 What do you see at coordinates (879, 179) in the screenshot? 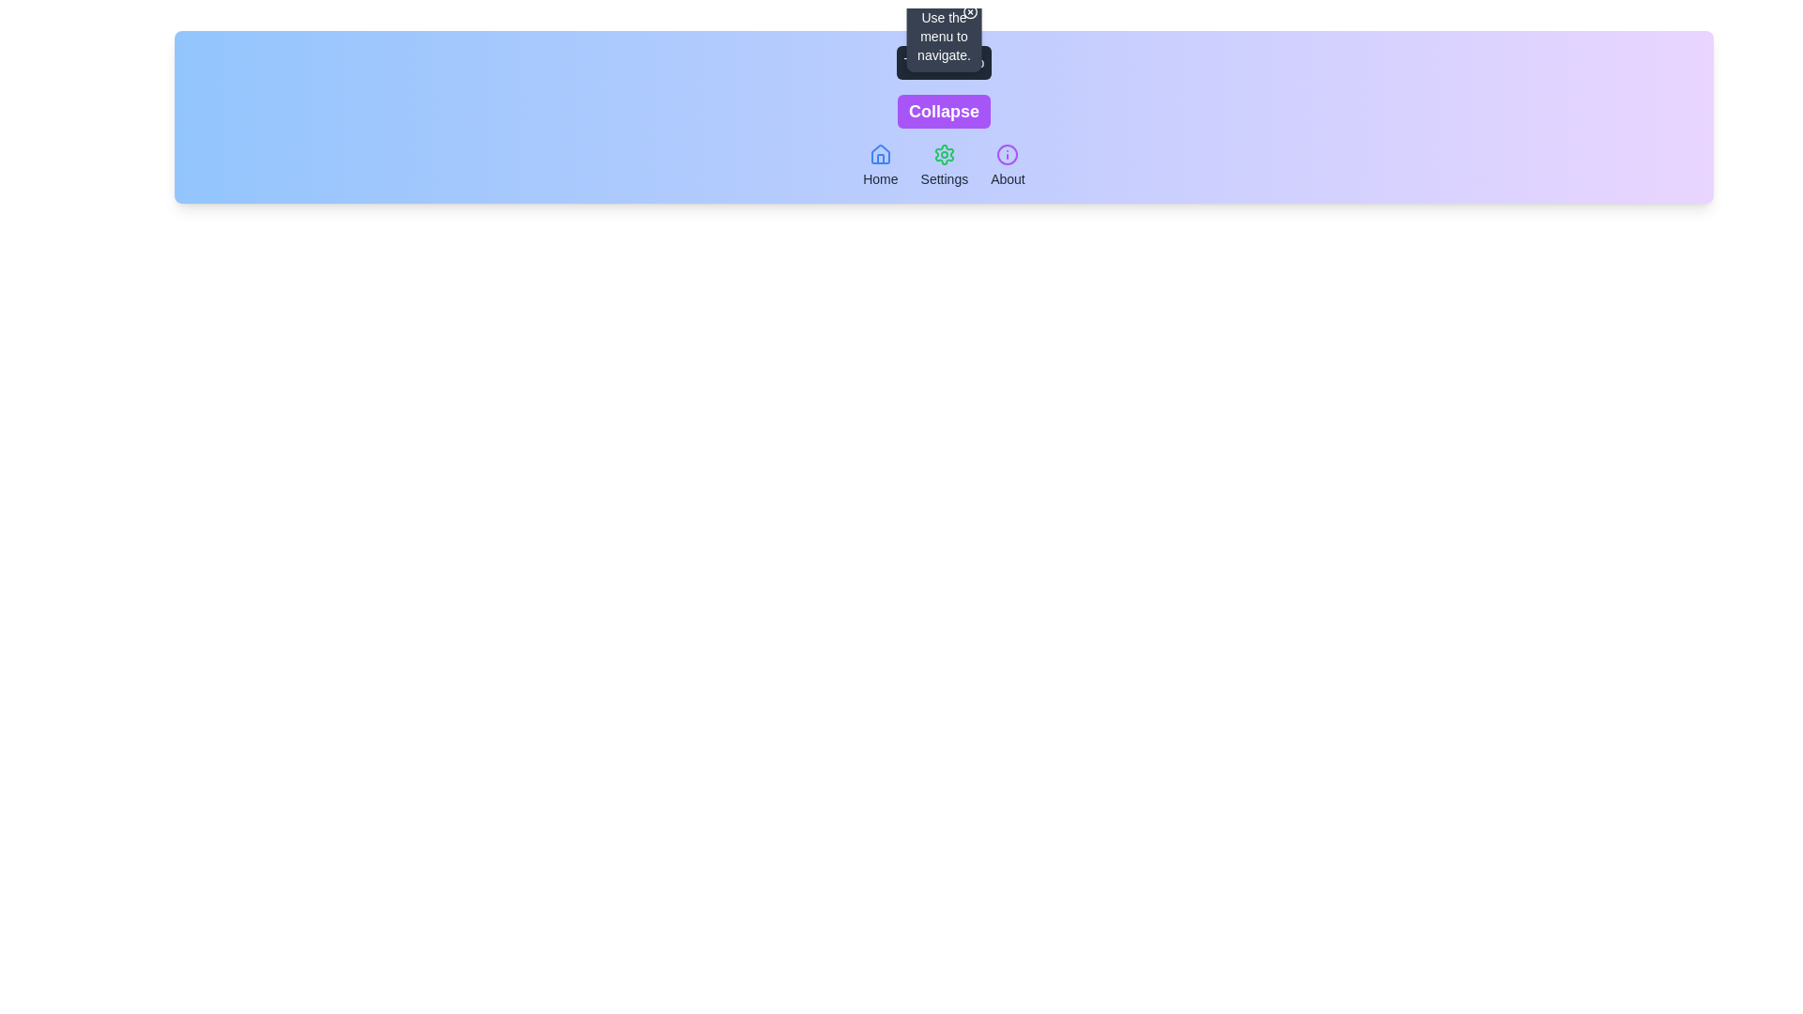
I see `text content of the 'Home' label, which is styled in dark gray and positioned below a house icon in the navigation menu` at bounding box center [879, 179].